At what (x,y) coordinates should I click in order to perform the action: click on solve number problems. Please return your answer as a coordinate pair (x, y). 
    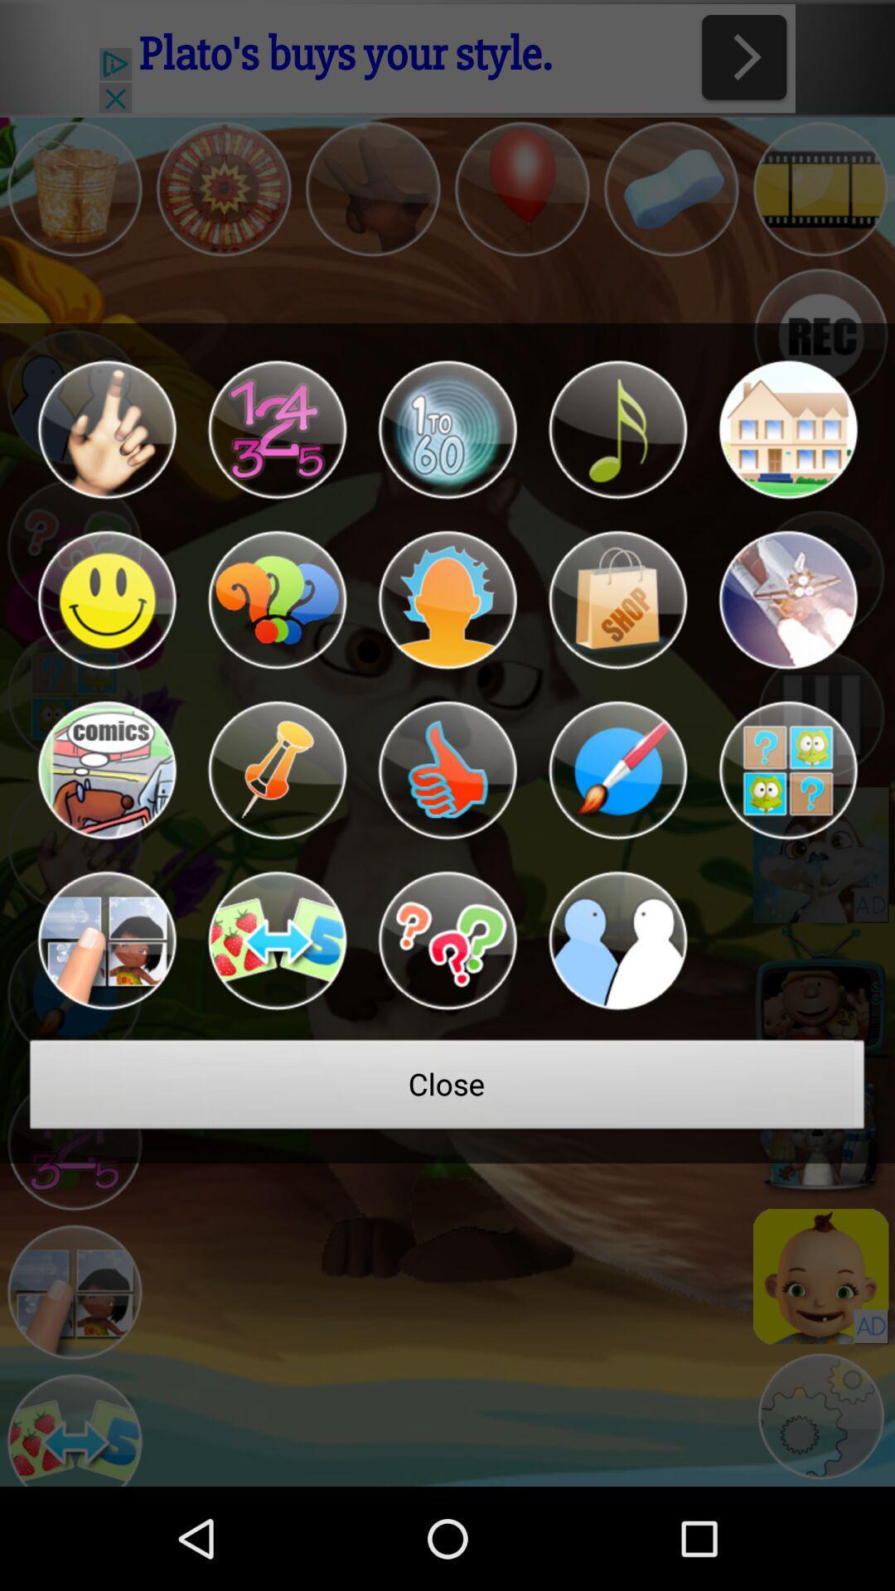
    Looking at the image, I should click on (276, 429).